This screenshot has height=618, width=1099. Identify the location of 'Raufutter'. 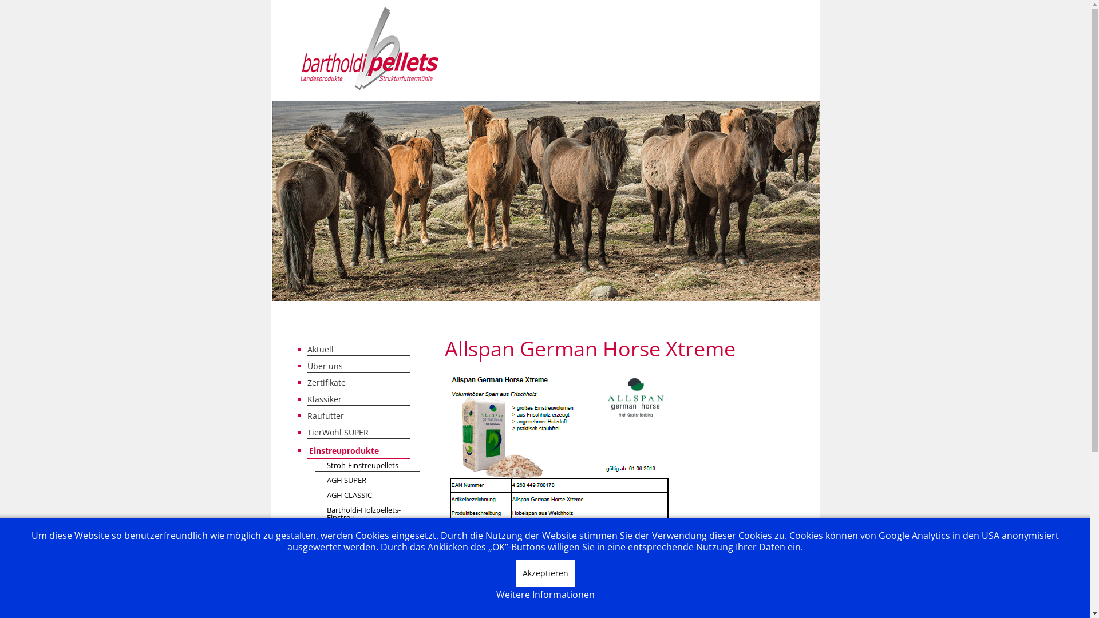
(307, 415).